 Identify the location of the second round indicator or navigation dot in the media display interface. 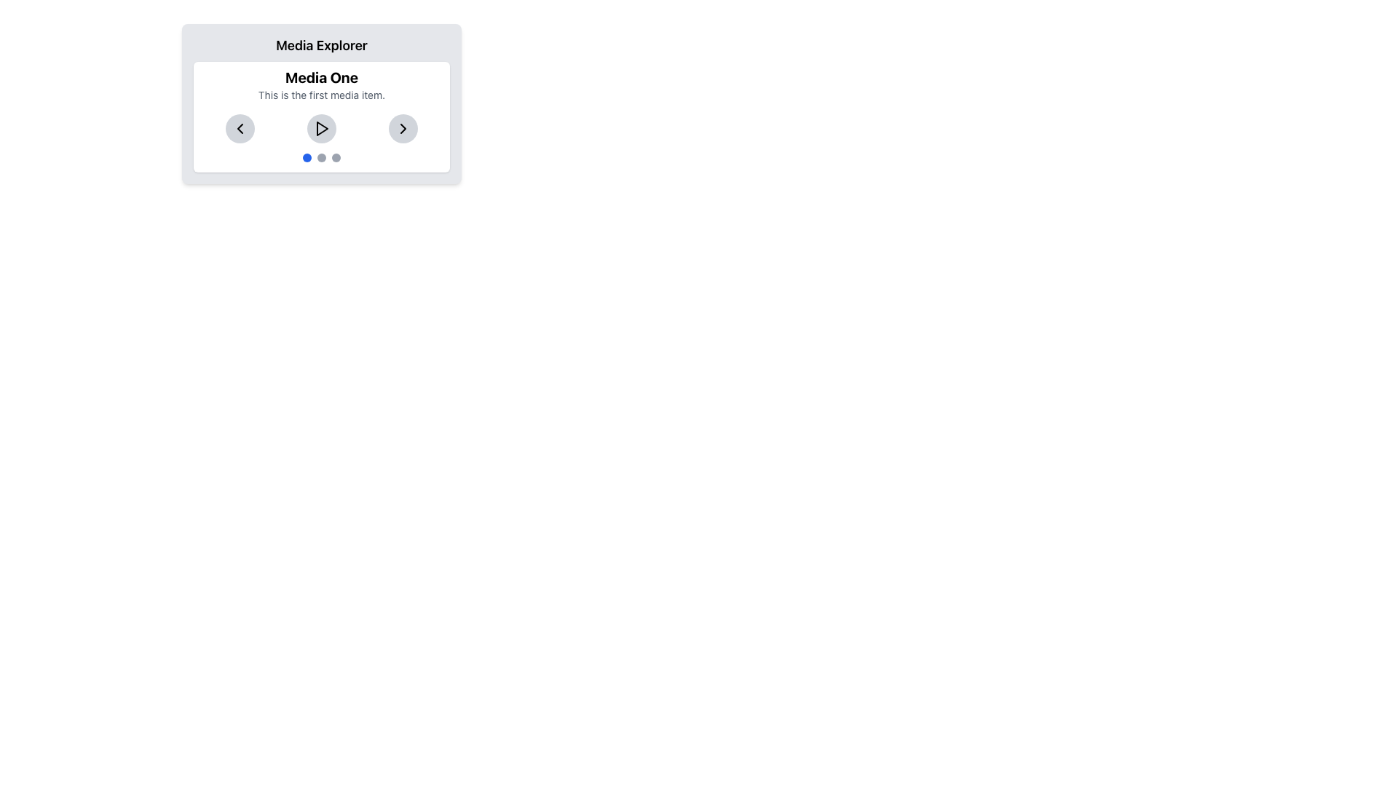
(320, 157).